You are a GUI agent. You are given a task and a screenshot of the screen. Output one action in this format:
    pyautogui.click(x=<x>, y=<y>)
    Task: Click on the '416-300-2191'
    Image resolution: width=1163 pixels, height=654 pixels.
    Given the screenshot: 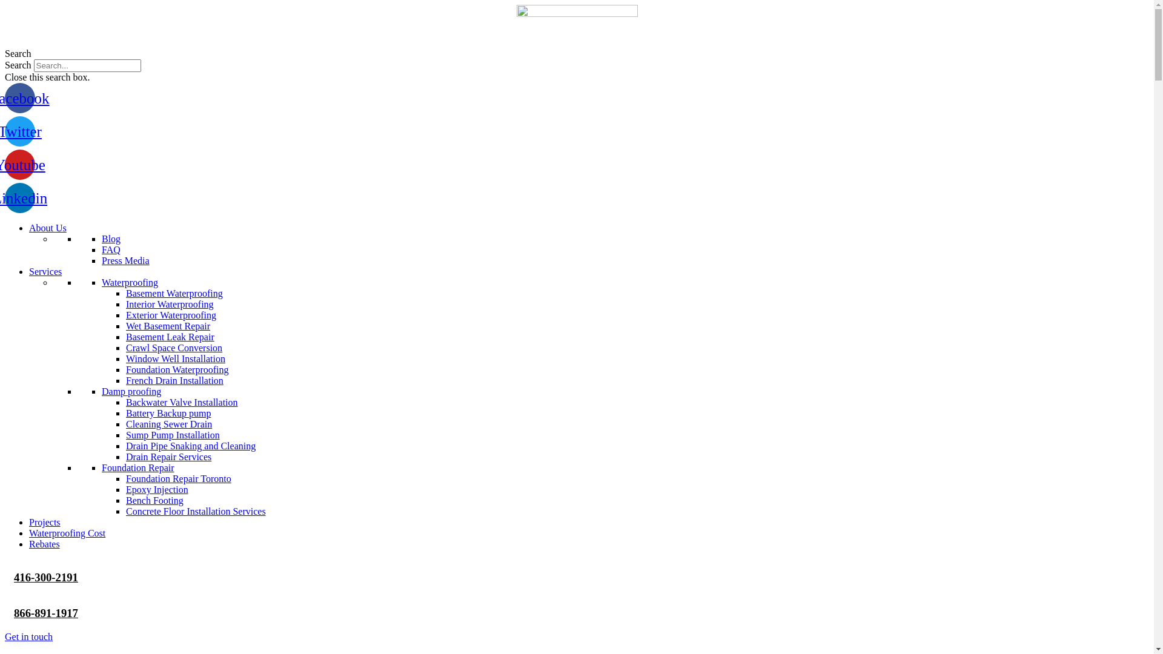 What is the action you would take?
    pyautogui.click(x=14, y=576)
    